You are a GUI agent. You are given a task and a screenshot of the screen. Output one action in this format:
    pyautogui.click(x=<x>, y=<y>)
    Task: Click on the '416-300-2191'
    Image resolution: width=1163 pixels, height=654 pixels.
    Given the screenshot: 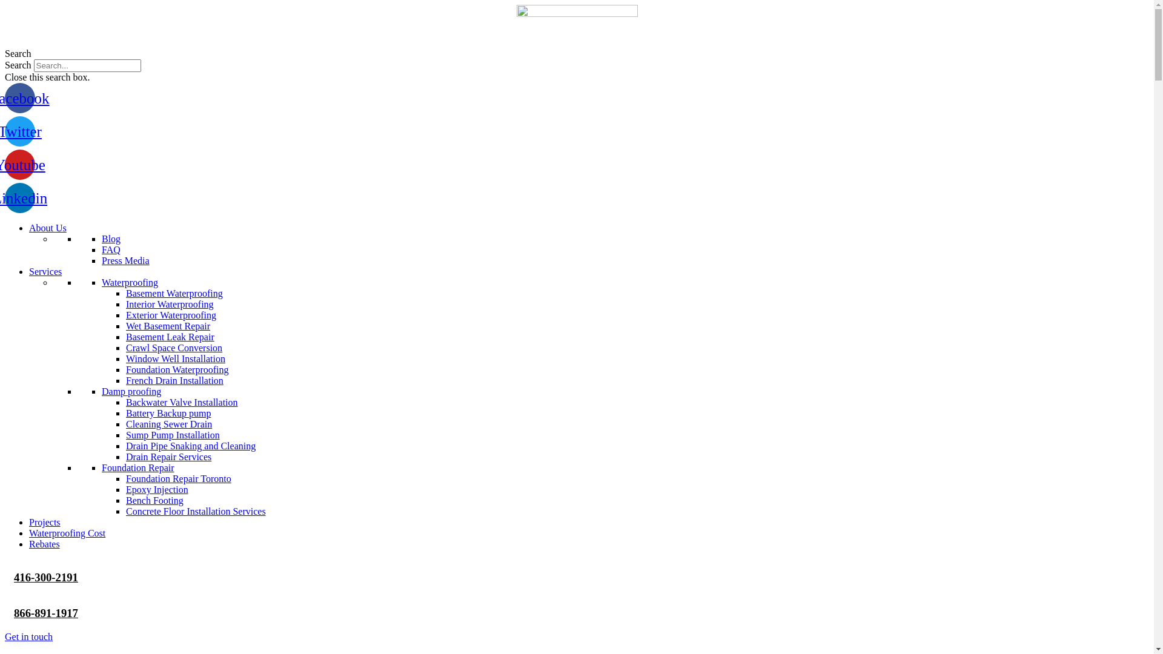 What is the action you would take?
    pyautogui.click(x=14, y=576)
    